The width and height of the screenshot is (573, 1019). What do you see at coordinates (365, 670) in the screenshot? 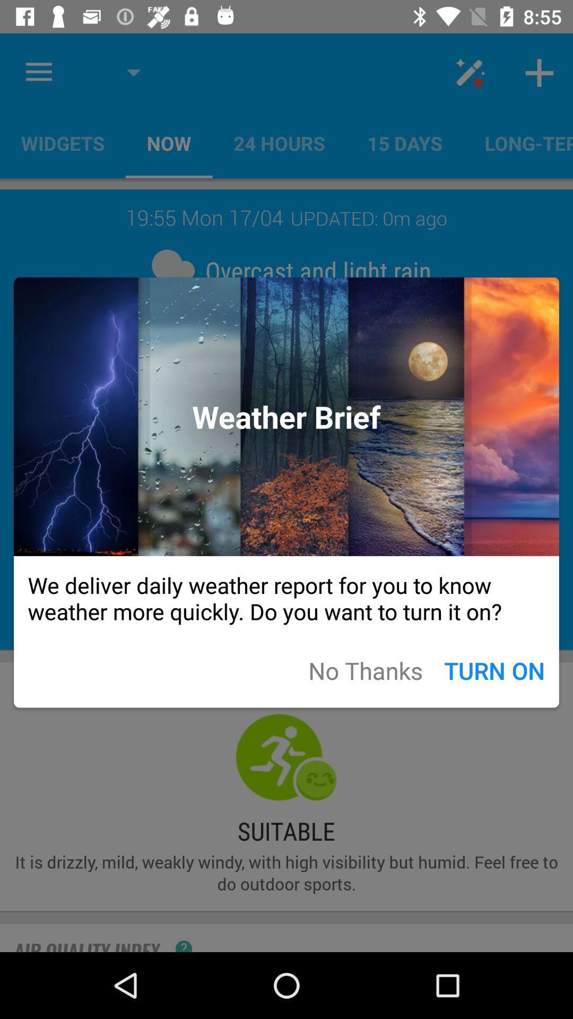
I see `the app to the left of turn on app` at bounding box center [365, 670].